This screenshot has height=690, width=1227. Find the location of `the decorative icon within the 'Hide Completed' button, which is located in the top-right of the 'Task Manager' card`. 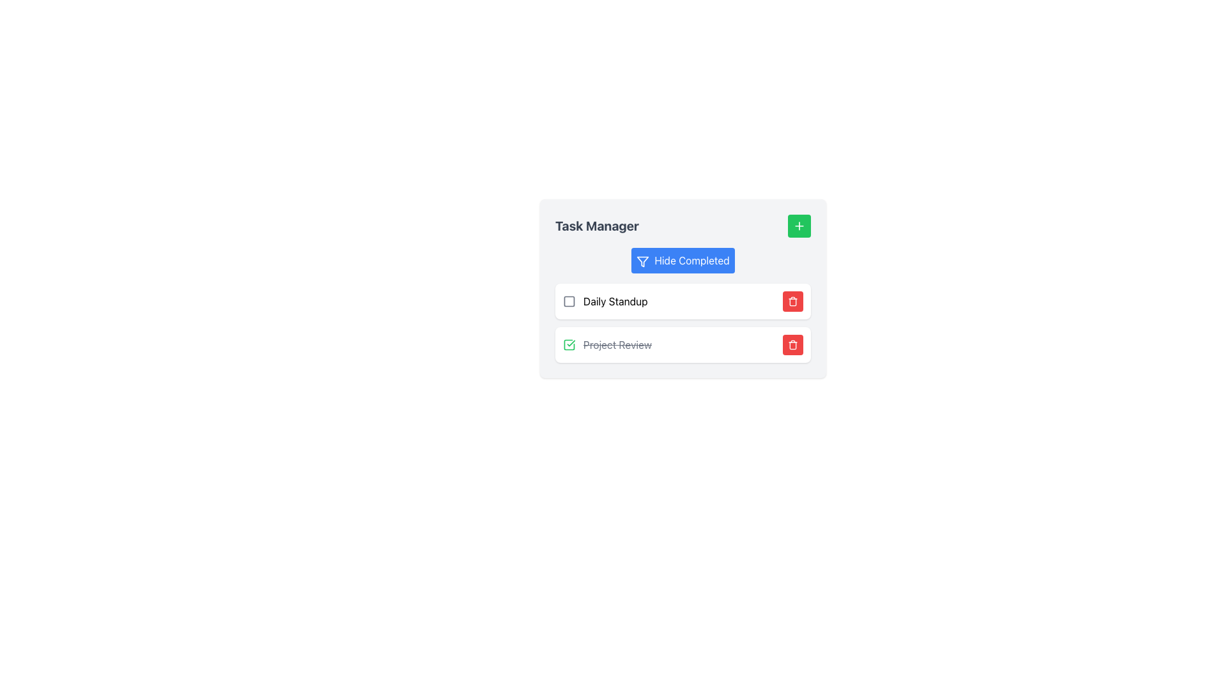

the decorative icon within the 'Hide Completed' button, which is located in the top-right of the 'Task Manager' card is located at coordinates (643, 261).